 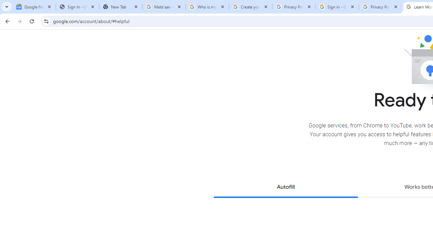 What do you see at coordinates (207, 7) in the screenshot?
I see `'Who is my administrator? - Google Account Help'` at bounding box center [207, 7].